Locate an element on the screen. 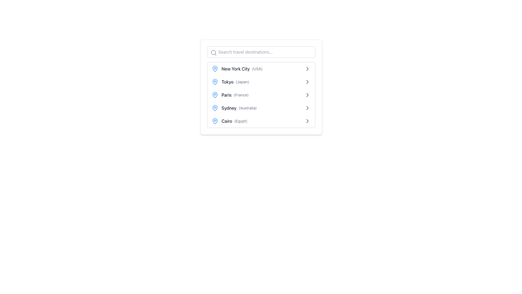  the non-interactive text label providing additional context for 'Tokyo', located to the right of the main text within the second entry of a vertical list is located at coordinates (242, 82).